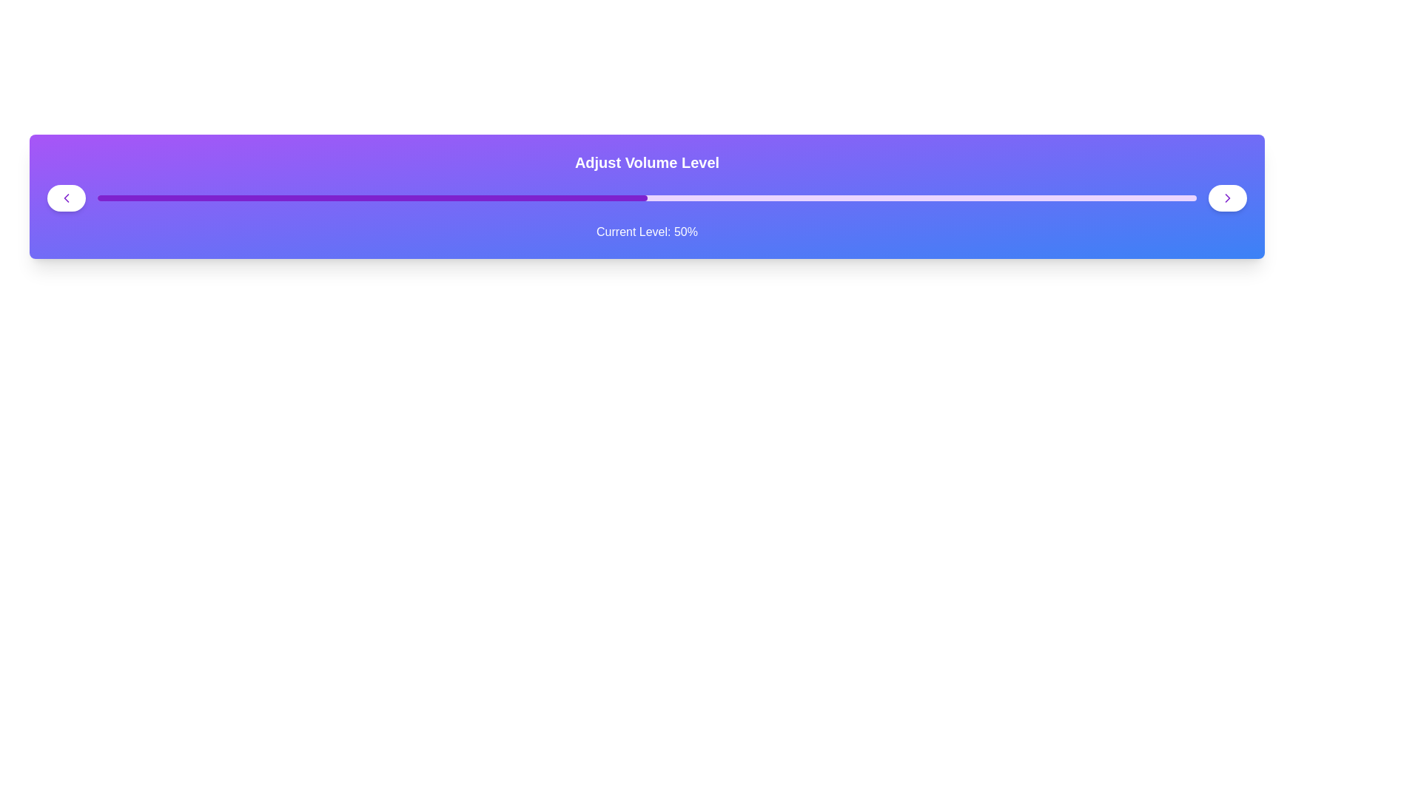 This screenshot has width=1421, height=799. What do you see at coordinates (647, 162) in the screenshot?
I see `the 'Adjust Volume Level' text label, which is styled in bold and slightly larger font, centered against a gradient background of purple to blue` at bounding box center [647, 162].